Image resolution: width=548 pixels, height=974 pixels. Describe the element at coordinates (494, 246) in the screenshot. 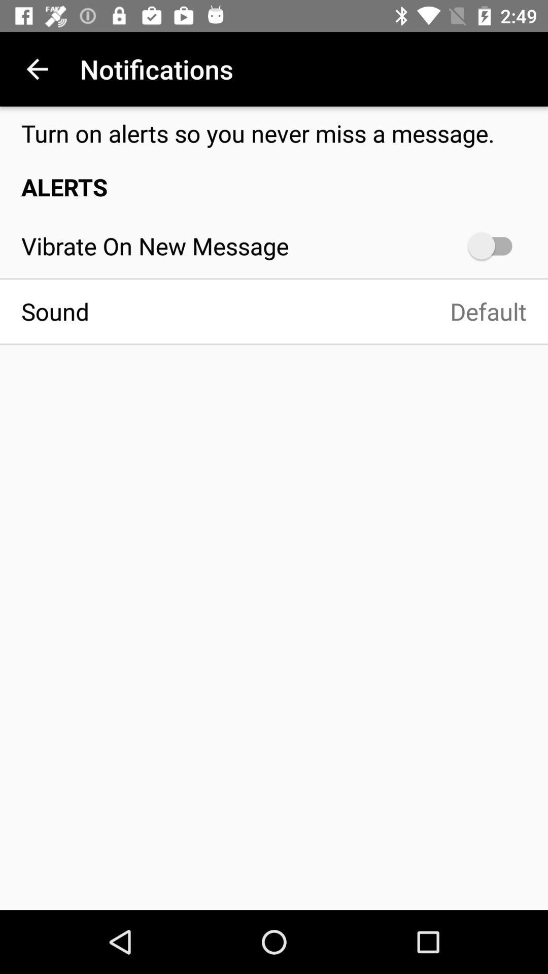

I see `the icon at the top right corner` at that location.